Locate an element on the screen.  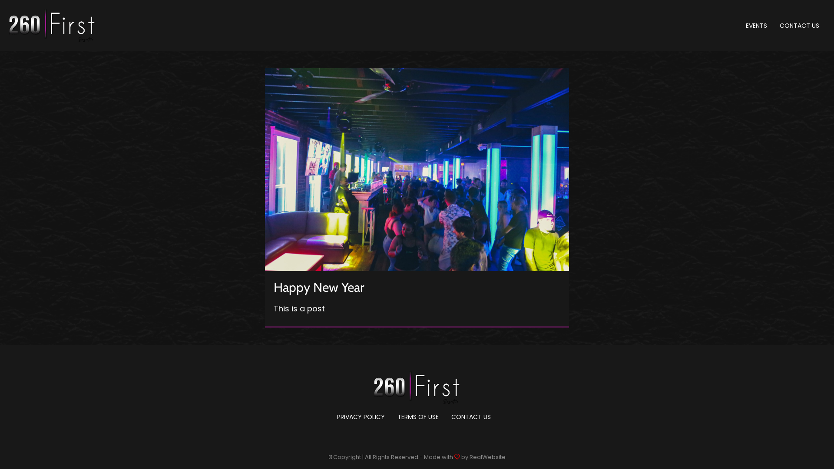
'CONTACT US' is located at coordinates (444, 416).